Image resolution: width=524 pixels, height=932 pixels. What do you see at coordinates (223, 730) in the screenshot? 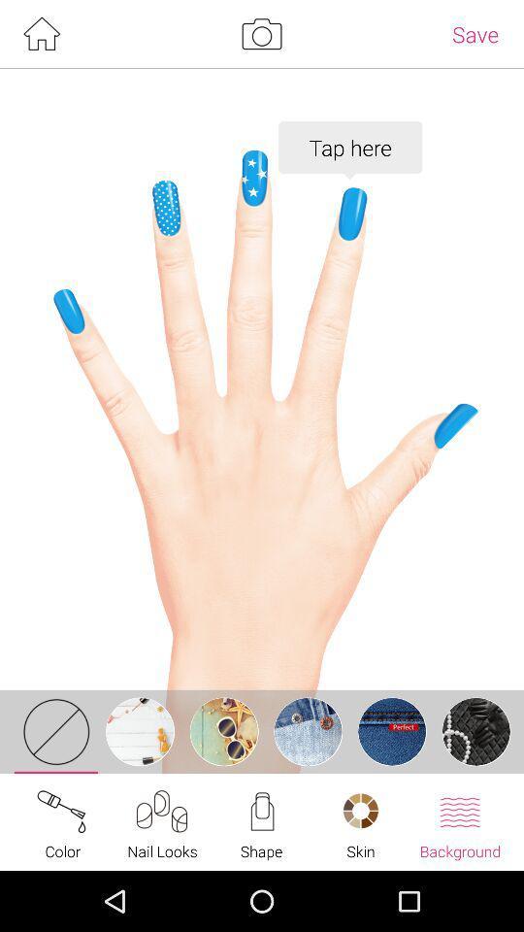
I see `the third image which is in between the texts nail looks and shape` at bounding box center [223, 730].